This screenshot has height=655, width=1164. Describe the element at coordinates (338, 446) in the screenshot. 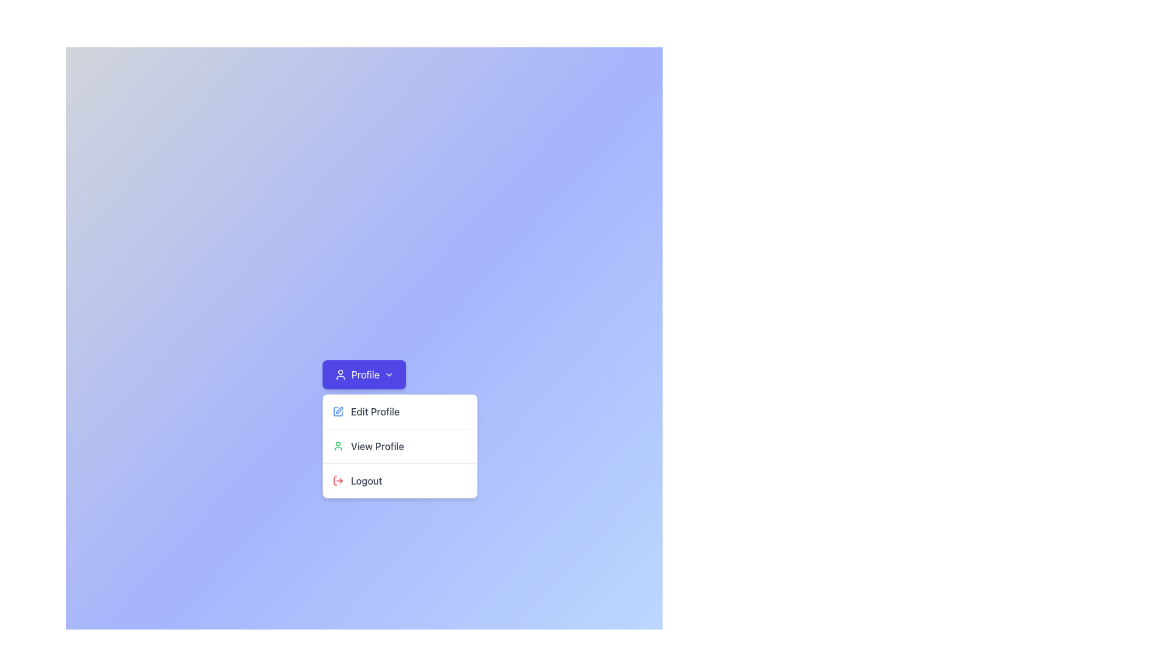

I see `the green icon representing the 'View Profile' action located in the dropdown menu below the 'Profile' button` at that location.